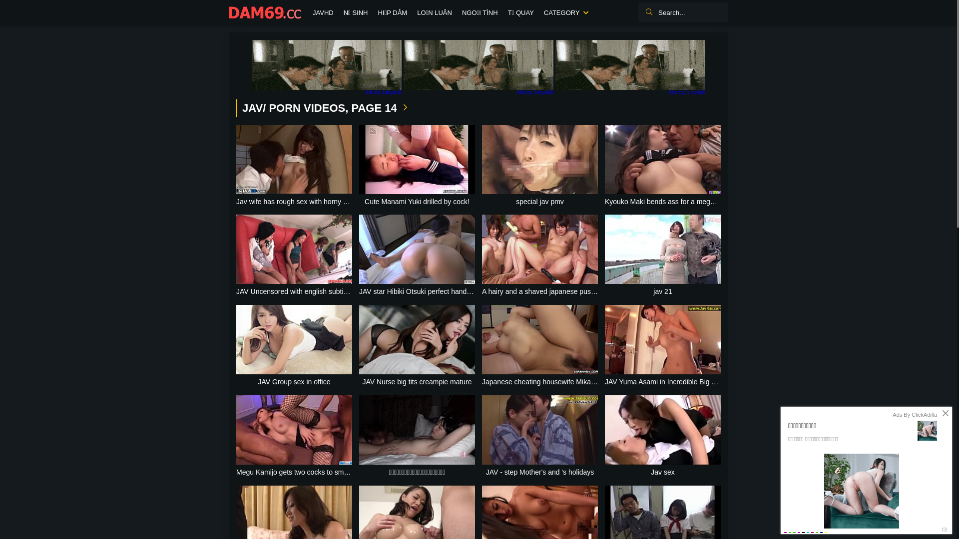 Image resolution: width=959 pixels, height=539 pixels. I want to click on 'JAV Yuma Asami in Incredible Big Tits, Cunnilingus JAV movie', so click(662, 346).